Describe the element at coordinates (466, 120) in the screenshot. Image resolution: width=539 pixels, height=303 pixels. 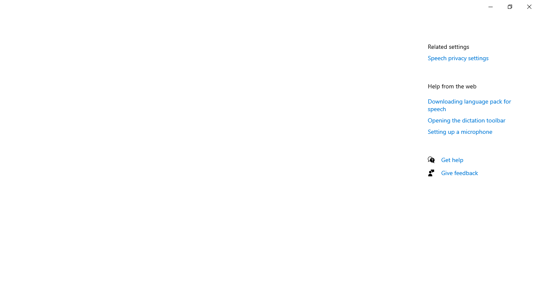
I see `'Opening the dictation toolbar'` at that location.